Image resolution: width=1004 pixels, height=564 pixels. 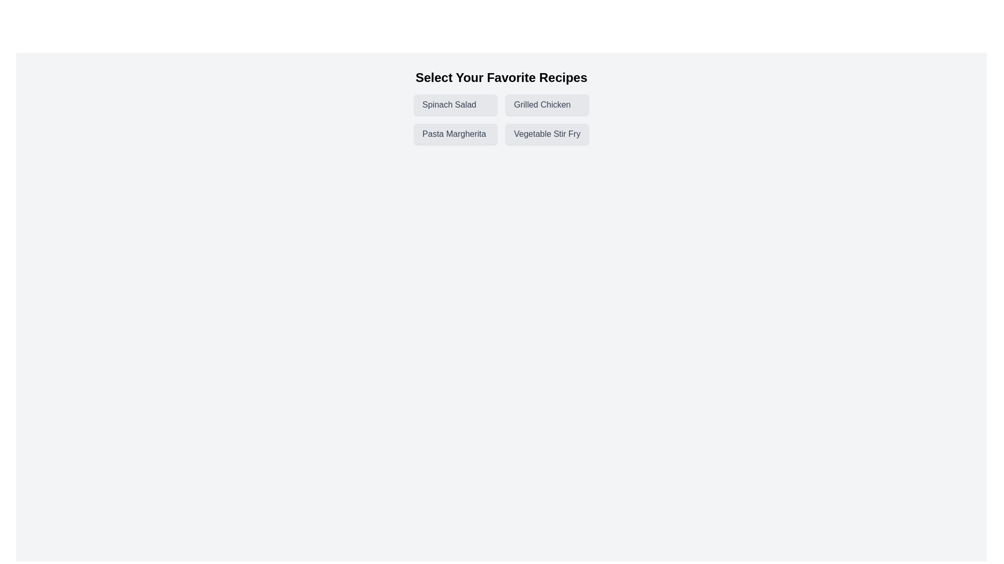 I want to click on the recipe card labeled 'Spinach Salad' to observe the visual feedback, so click(x=455, y=104).